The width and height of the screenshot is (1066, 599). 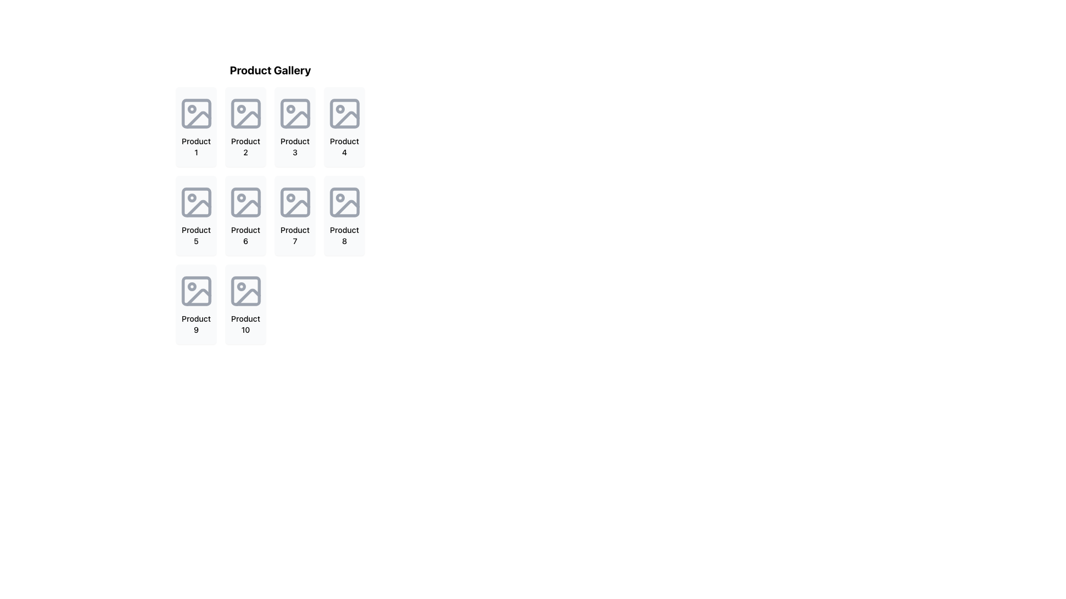 I want to click on the image placeholder icon located in the center of the 'Product 7' card, which features a gray design with a rectangular frame and circular elements, so click(x=295, y=202).